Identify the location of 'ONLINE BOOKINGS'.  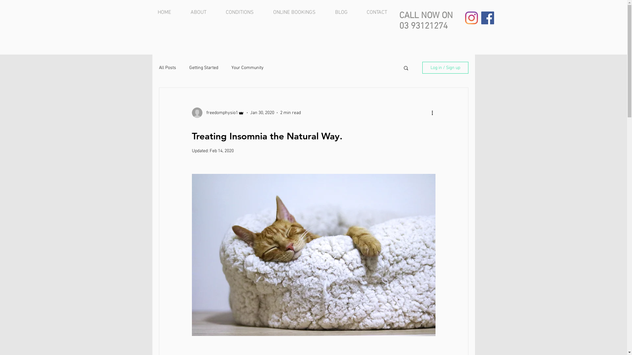
(268, 12).